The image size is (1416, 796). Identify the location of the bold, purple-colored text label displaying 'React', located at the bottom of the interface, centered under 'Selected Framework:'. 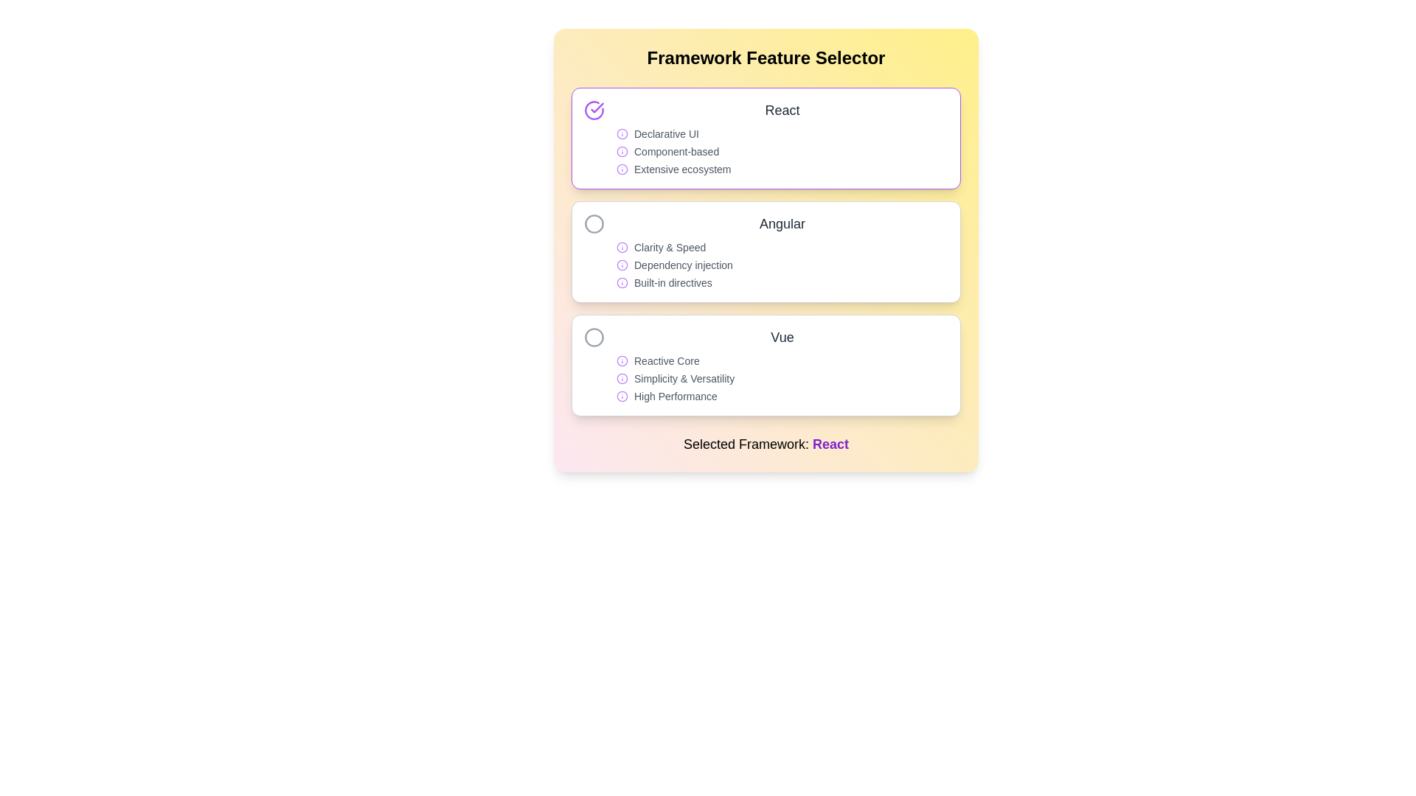
(830, 443).